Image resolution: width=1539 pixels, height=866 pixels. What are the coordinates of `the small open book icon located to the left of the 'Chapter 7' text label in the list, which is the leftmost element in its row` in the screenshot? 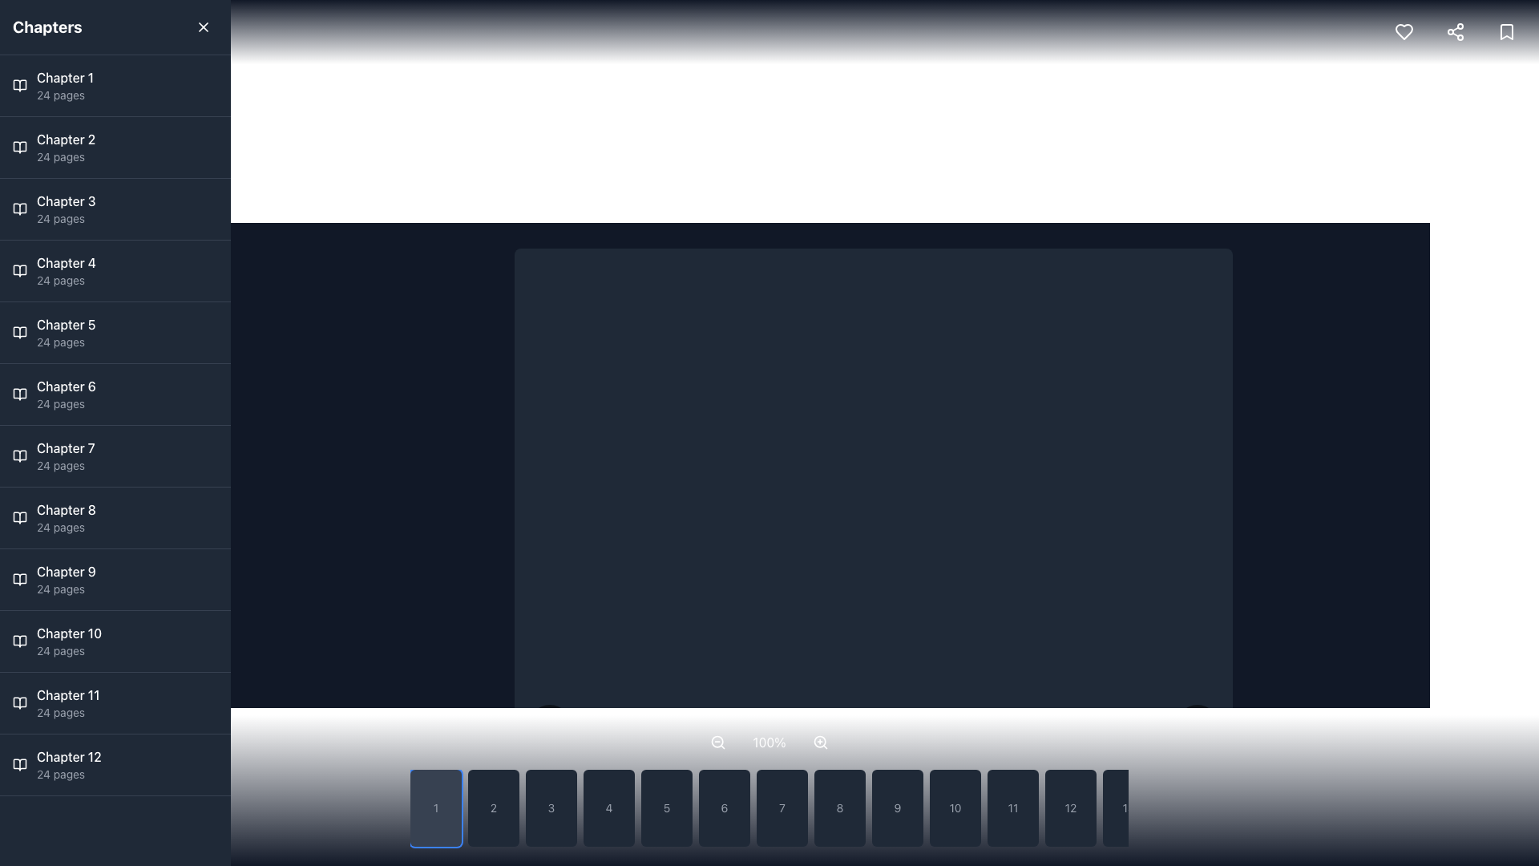 It's located at (19, 456).